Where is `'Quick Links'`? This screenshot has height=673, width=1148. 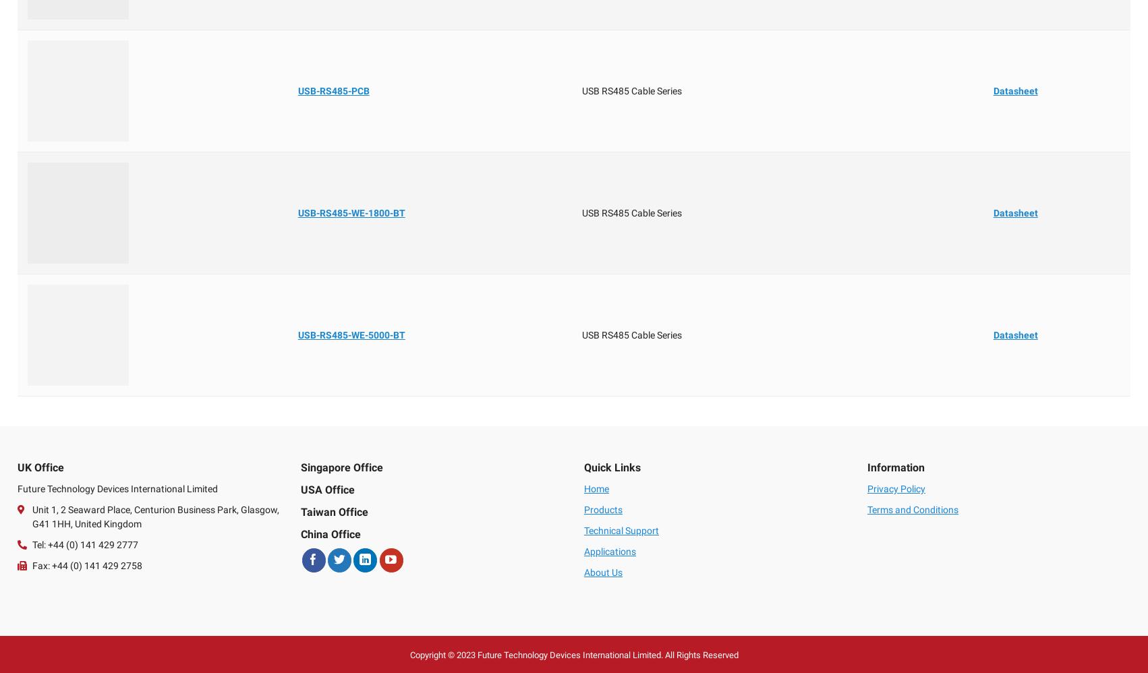
'Quick Links' is located at coordinates (583, 467).